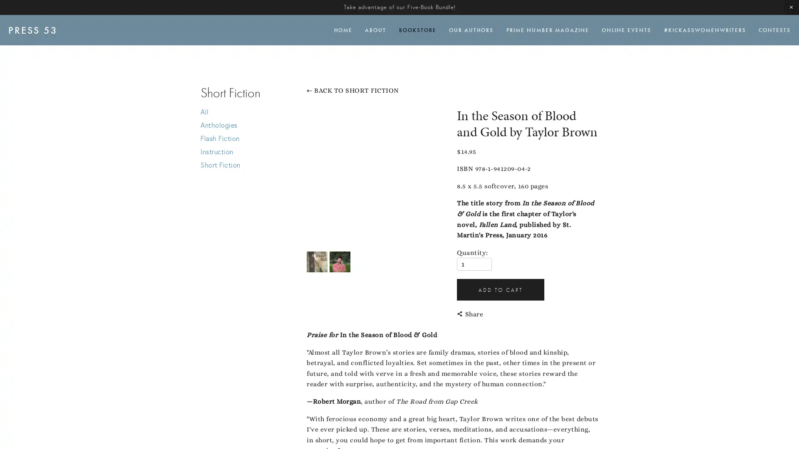 Image resolution: width=799 pixels, height=449 pixels. What do you see at coordinates (500, 289) in the screenshot?
I see `ADD TO CART` at bounding box center [500, 289].